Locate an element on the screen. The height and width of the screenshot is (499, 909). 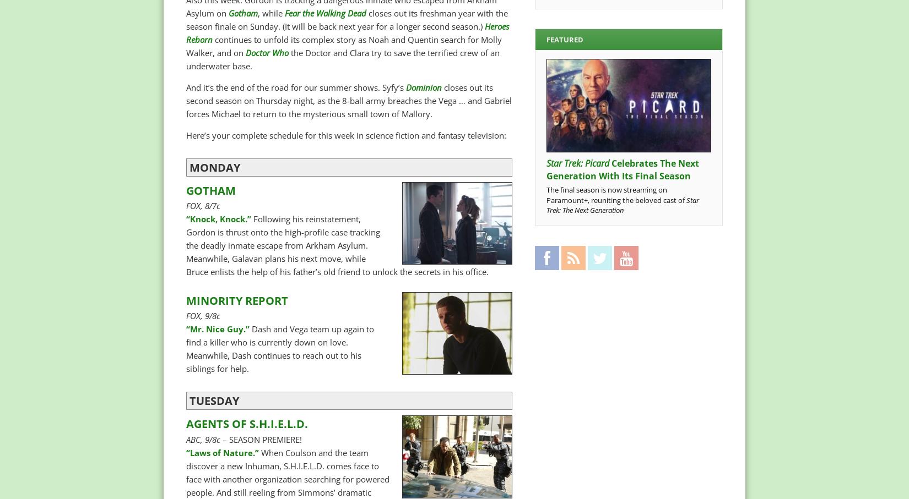
'the Doctor and Clara try to save the terrified crew of an underwater base.' is located at coordinates (342, 58).